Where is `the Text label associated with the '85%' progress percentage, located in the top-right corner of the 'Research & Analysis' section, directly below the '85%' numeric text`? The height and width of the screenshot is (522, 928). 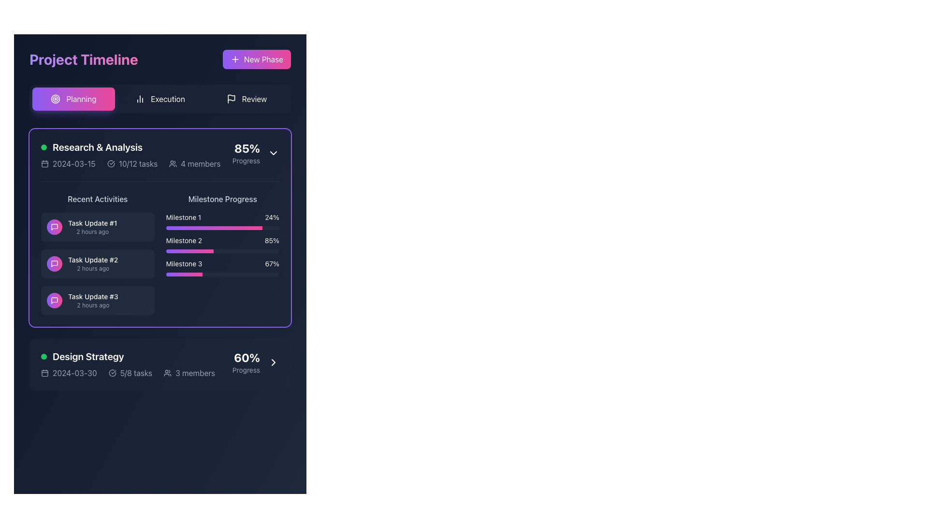
the Text label associated with the '85%' progress percentage, located in the top-right corner of the 'Research & Analysis' section, directly below the '85%' numeric text is located at coordinates (246, 160).